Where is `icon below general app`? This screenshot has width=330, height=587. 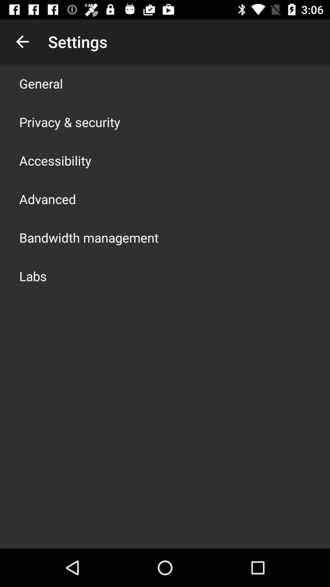 icon below general app is located at coordinates (69, 122).